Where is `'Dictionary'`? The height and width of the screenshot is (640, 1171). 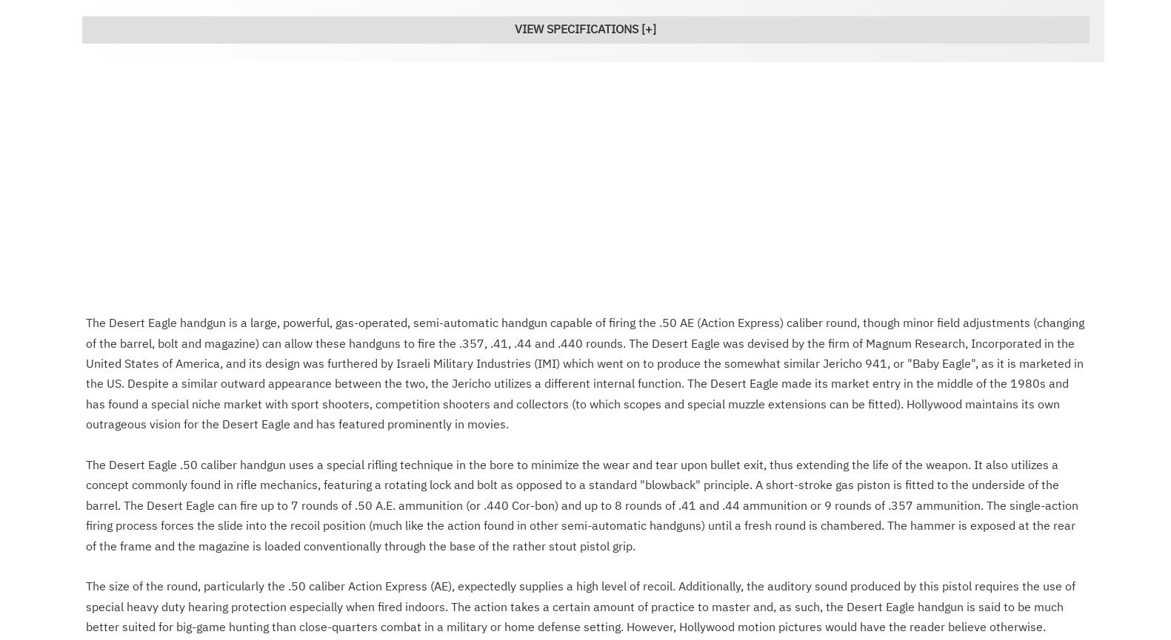
'Dictionary' is located at coordinates (375, 628).